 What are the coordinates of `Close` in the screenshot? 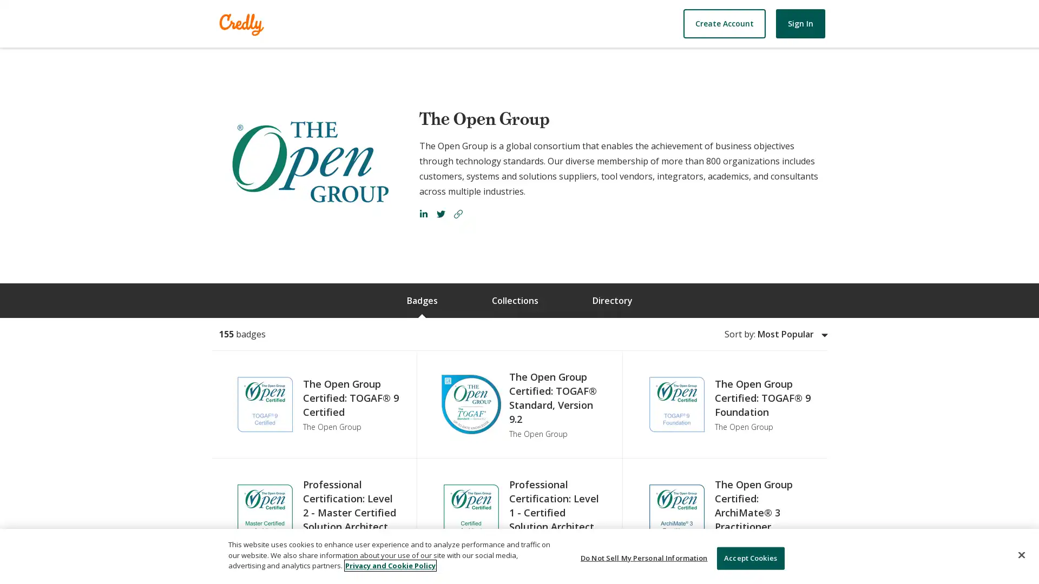 It's located at (1021, 555).